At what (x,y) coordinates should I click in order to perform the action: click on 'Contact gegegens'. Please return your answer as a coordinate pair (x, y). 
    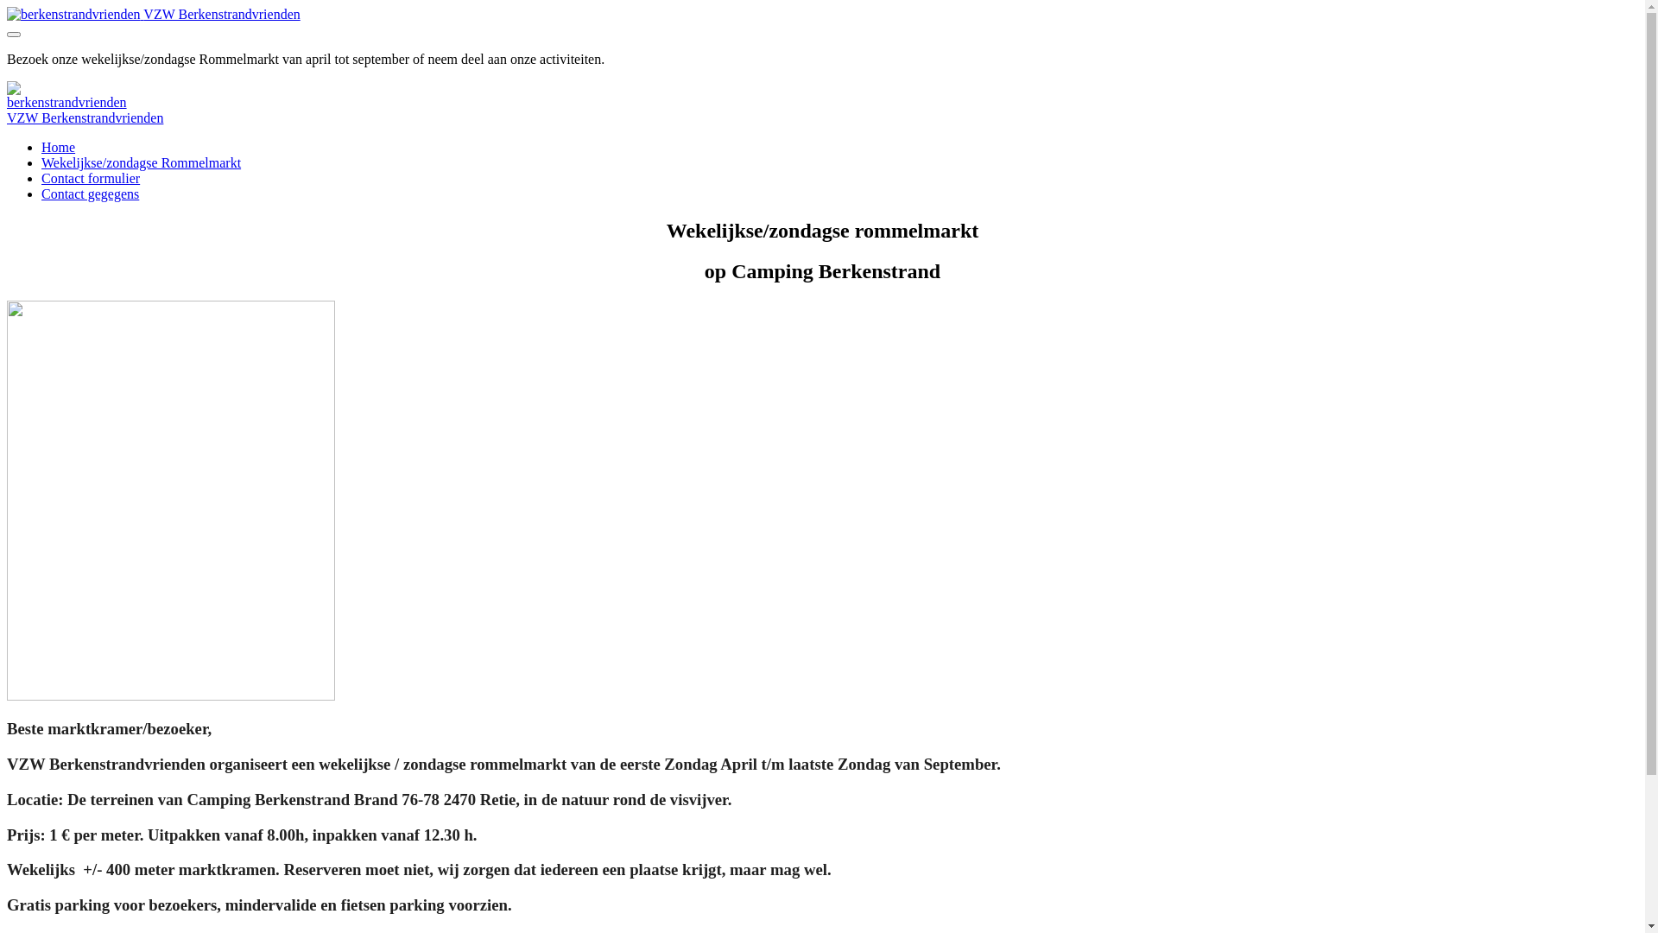
    Looking at the image, I should click on (89, 194).